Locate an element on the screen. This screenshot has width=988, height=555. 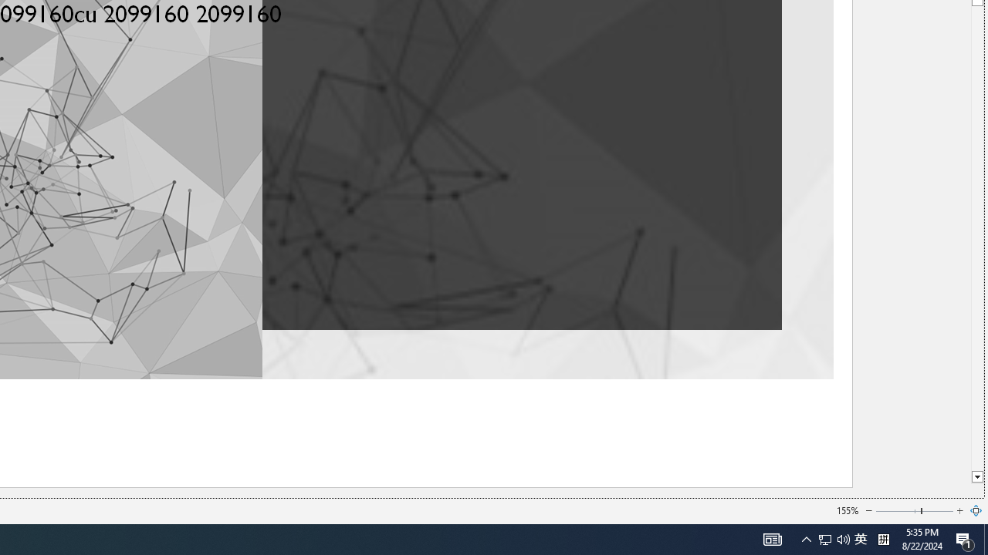
'155%' is located at coordinates (847, 510).